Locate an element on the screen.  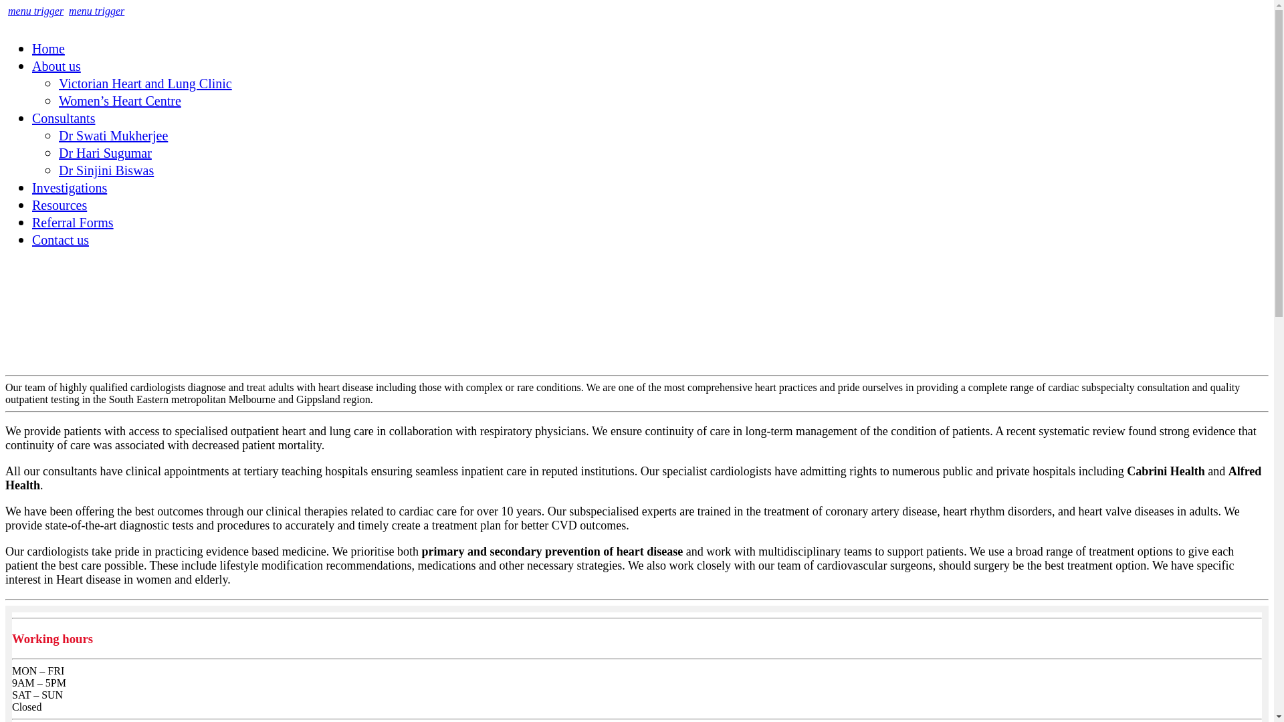
'menu trigger' is located at coordinates (96, 11).